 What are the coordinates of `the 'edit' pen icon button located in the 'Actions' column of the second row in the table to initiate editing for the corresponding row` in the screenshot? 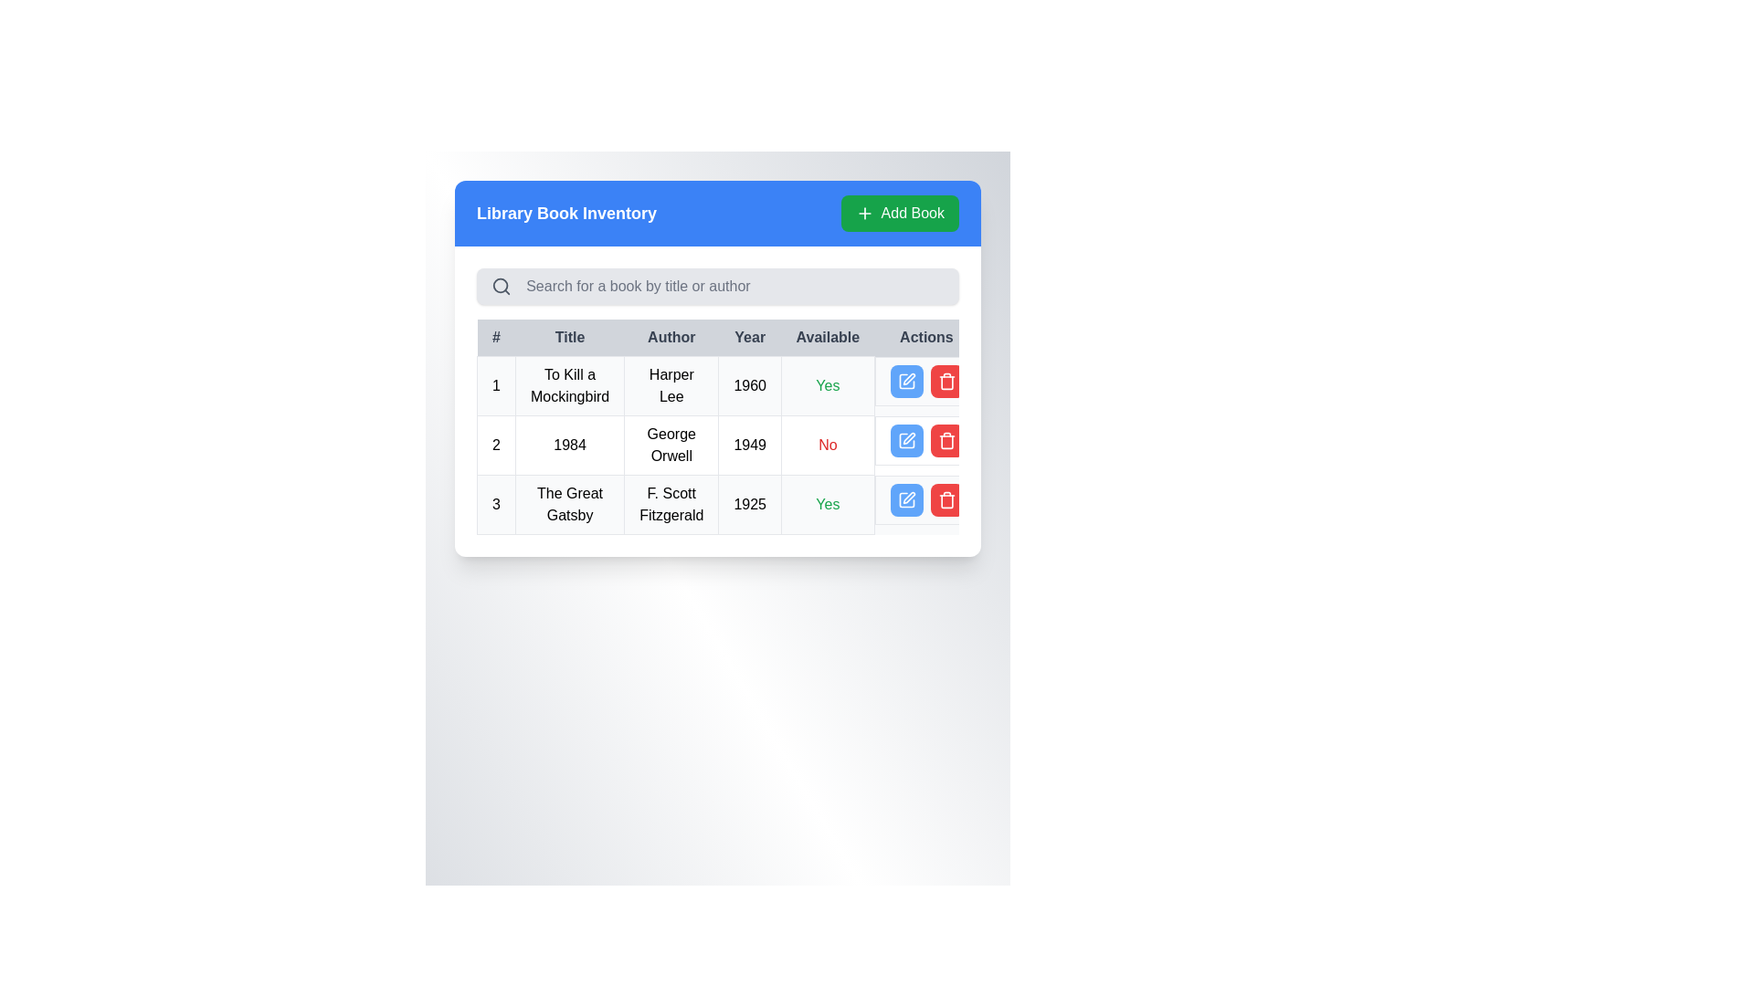 It's located at (909, 437).